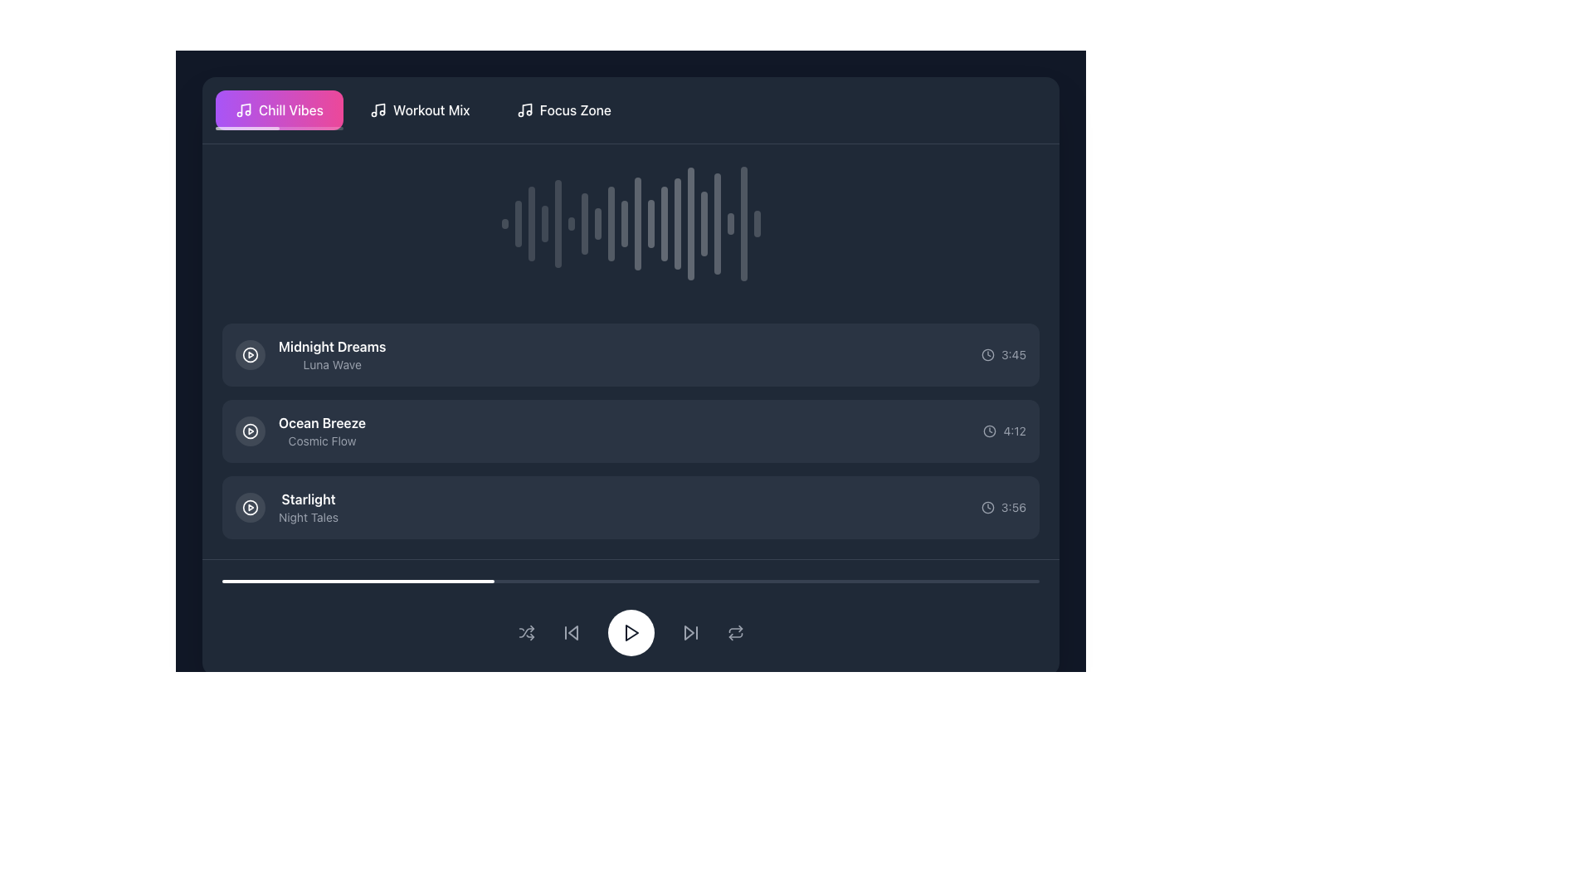  Describe the element at coordinates (310, 354) in the screenshot. I see `the first list item labeled 'Midnight Dreams' with a circular play icon` at that location.